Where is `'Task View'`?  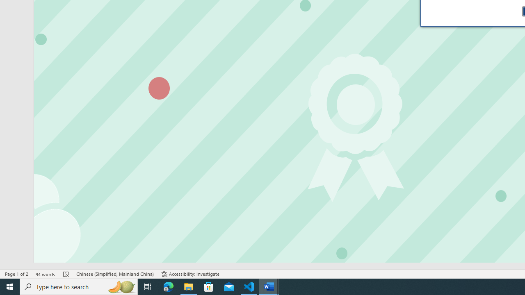 'Task View' is located at coordinates (147, 286).